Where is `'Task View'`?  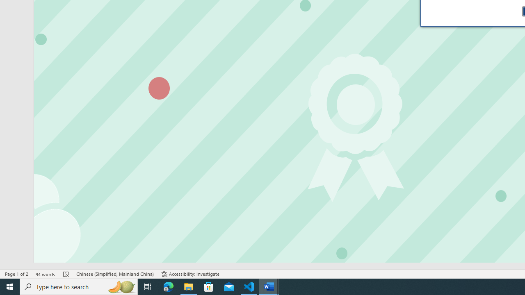 'Task View' is located at coordinates (147, 286).